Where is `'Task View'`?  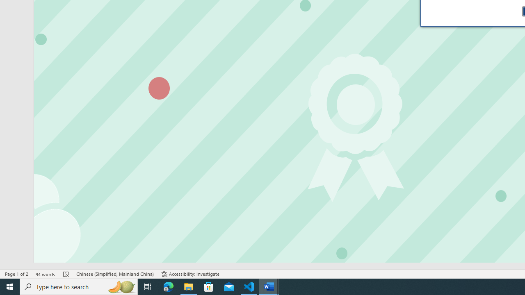 'Task View' is located at coordinates (147, 286).